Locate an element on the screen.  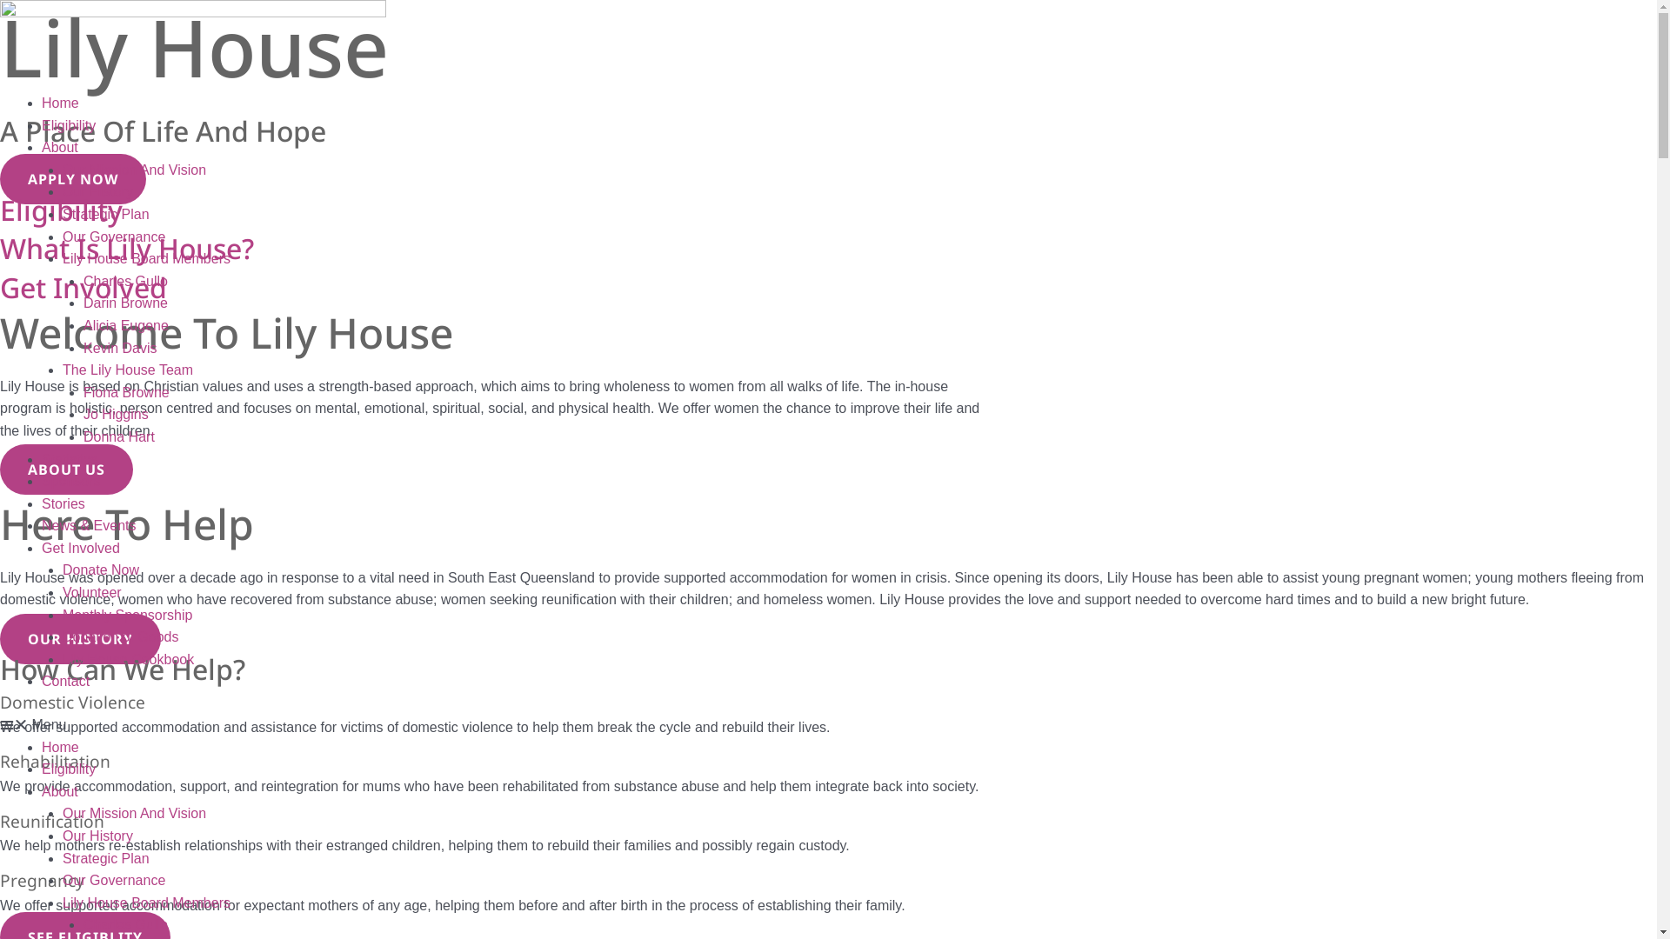
'Strategic Plan' is located at coordinates (63, 857).